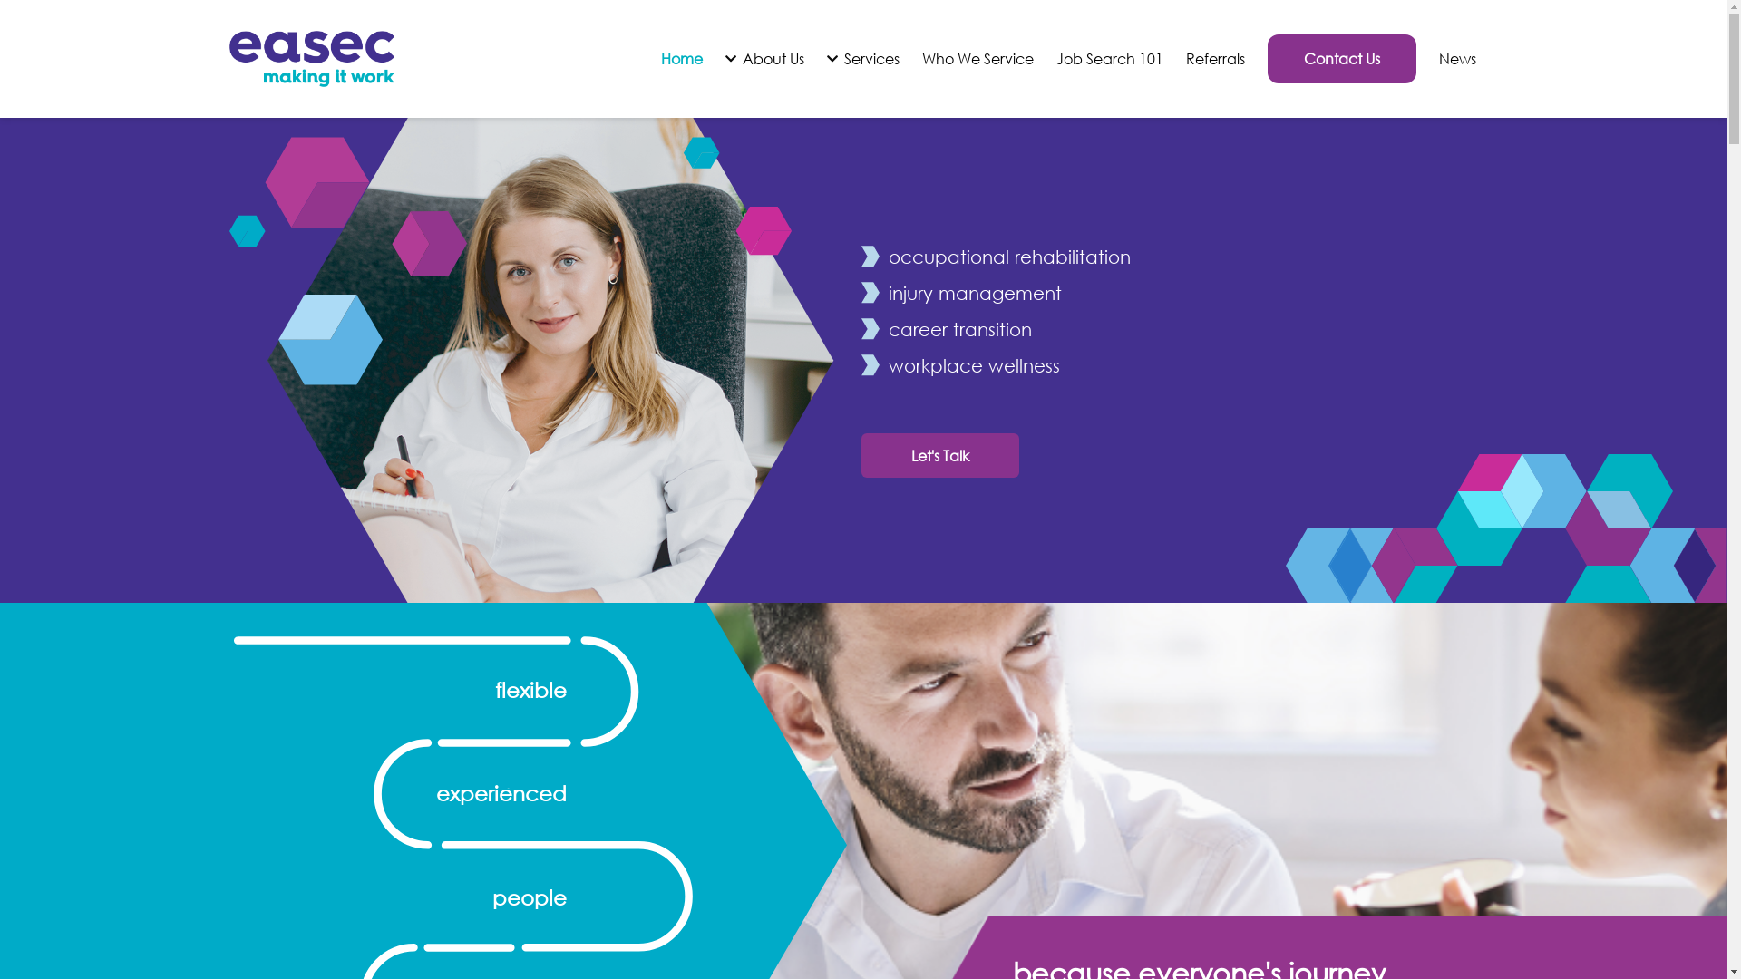  I want to click on 'Services', so click(861, 58).